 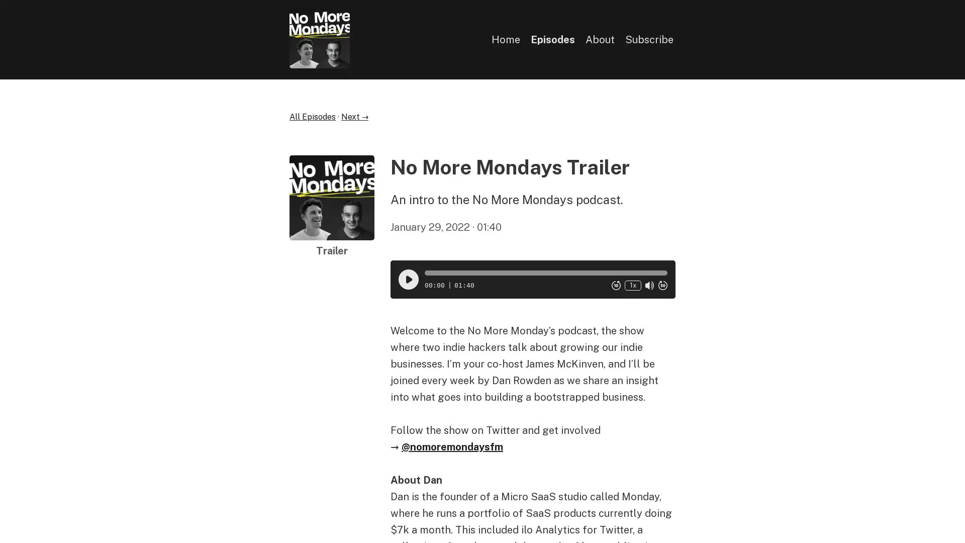 What do you see at coordinates (662, 285) in the screenshot?
I see `fast forward` at bounding box center [662, 285].